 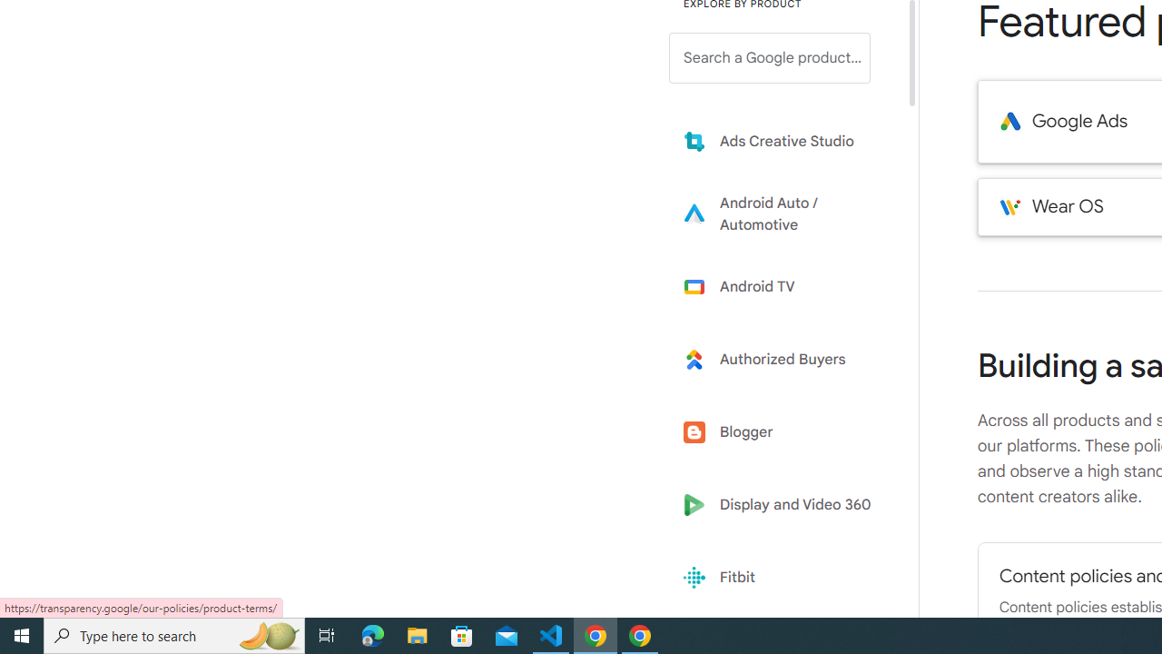 What do you see at coordinates (770, 57) in the screenshot?
I see `'Search a Google product from below list.'` at bounding box center [770, 57].